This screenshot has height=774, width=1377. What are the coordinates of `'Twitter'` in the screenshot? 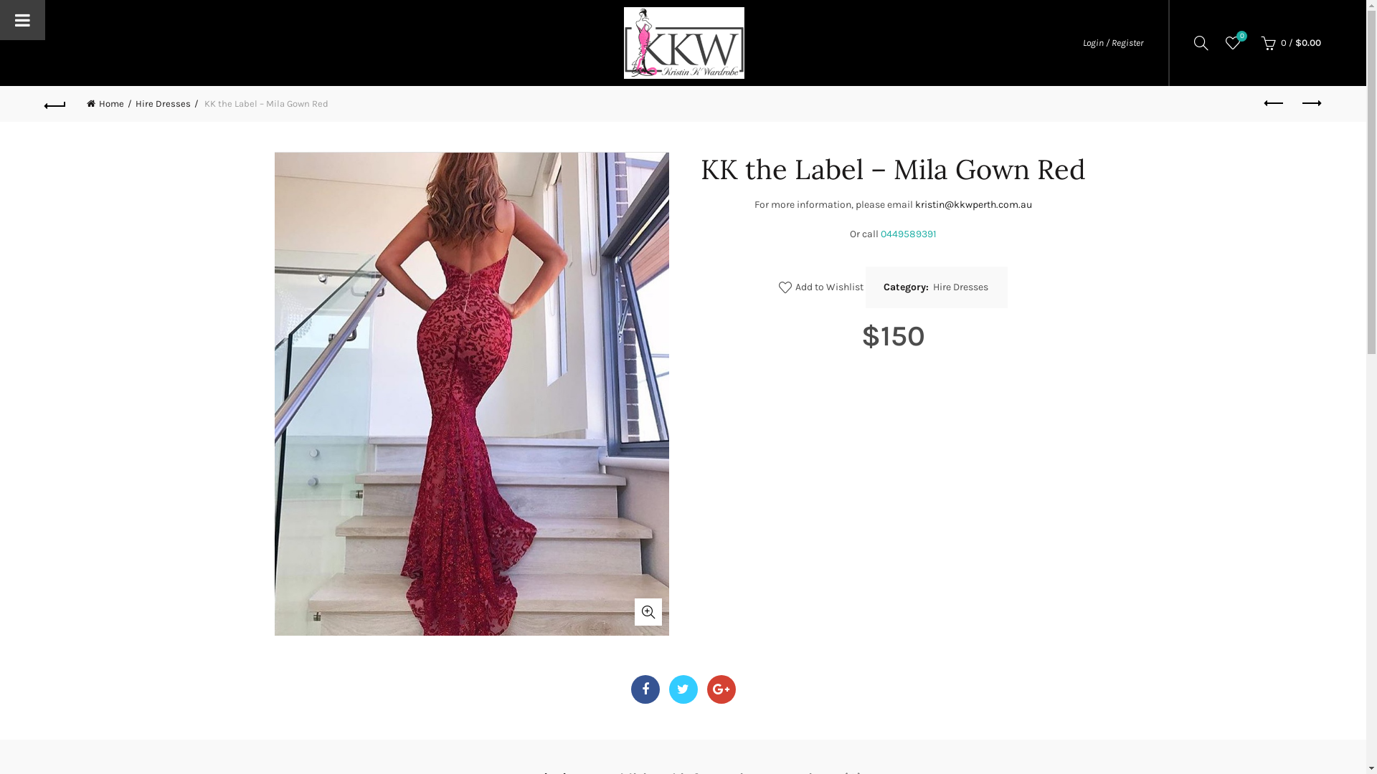 It's located at (667, 688).